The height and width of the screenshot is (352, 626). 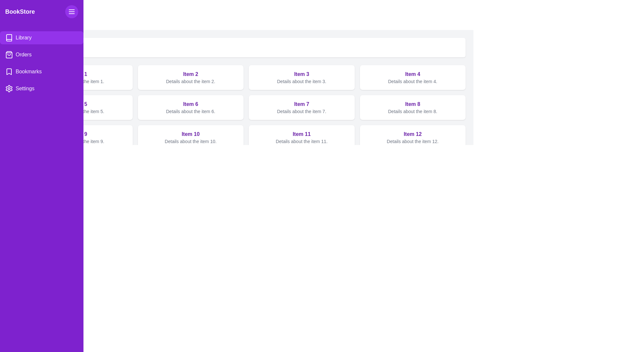 I want to click on the text label that serves as a title or heading for the card element indicating the item's name, located in the second row and fourth column of the grid, so click(x=412, y=74).